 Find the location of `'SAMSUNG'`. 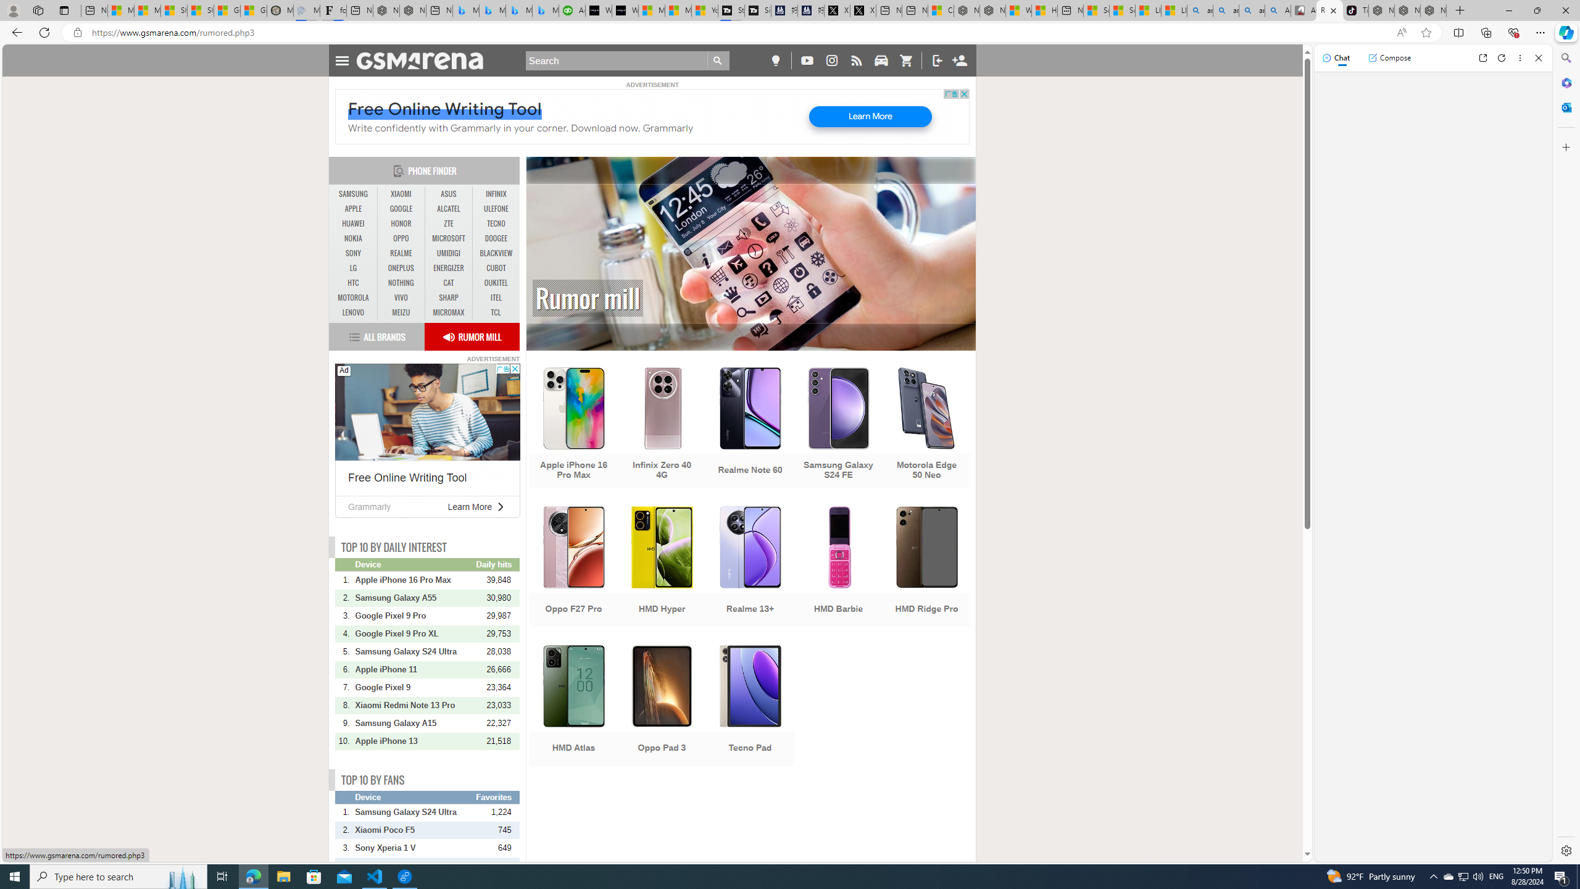

'SAMSUNG' is located at coordinates (353, 194).